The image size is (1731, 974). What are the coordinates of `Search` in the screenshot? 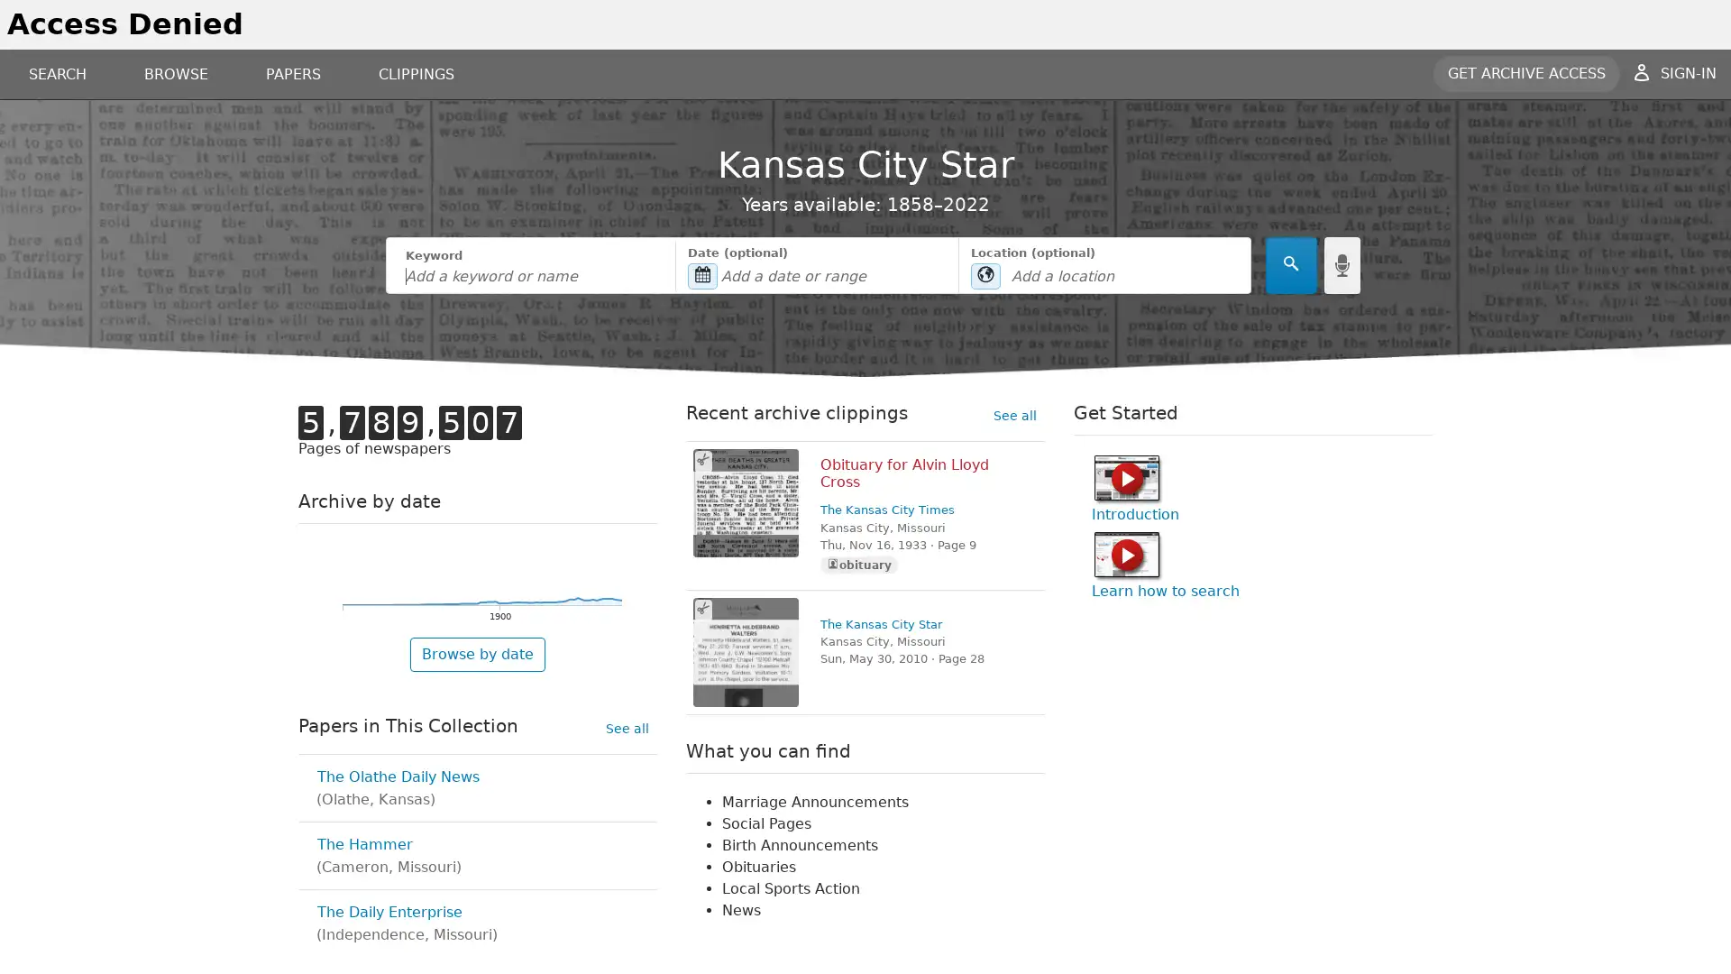 It's located at (1289, 265).